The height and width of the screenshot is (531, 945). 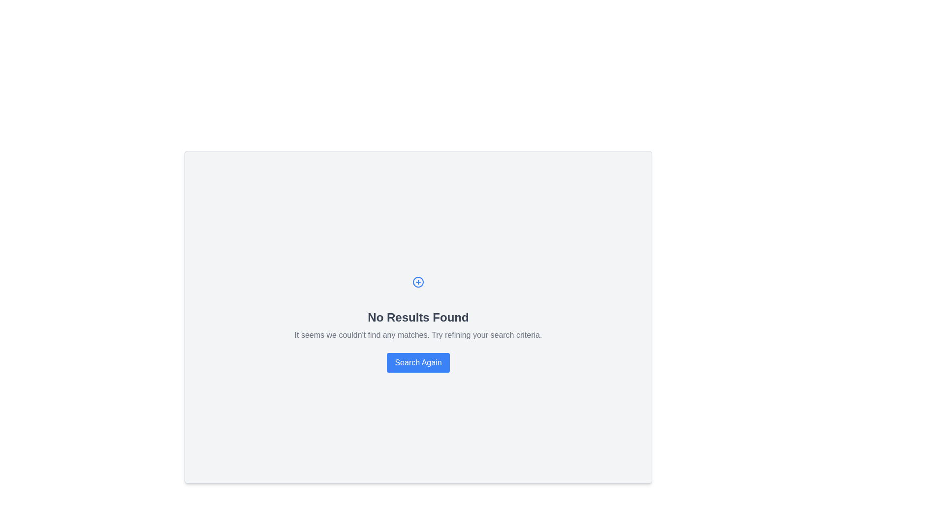 I want to click on the circular icon with a blue outline and a plus sign, which is centrally aligned within the gray panel above the 'No Results Found' notification, so click(x=418, y=282).